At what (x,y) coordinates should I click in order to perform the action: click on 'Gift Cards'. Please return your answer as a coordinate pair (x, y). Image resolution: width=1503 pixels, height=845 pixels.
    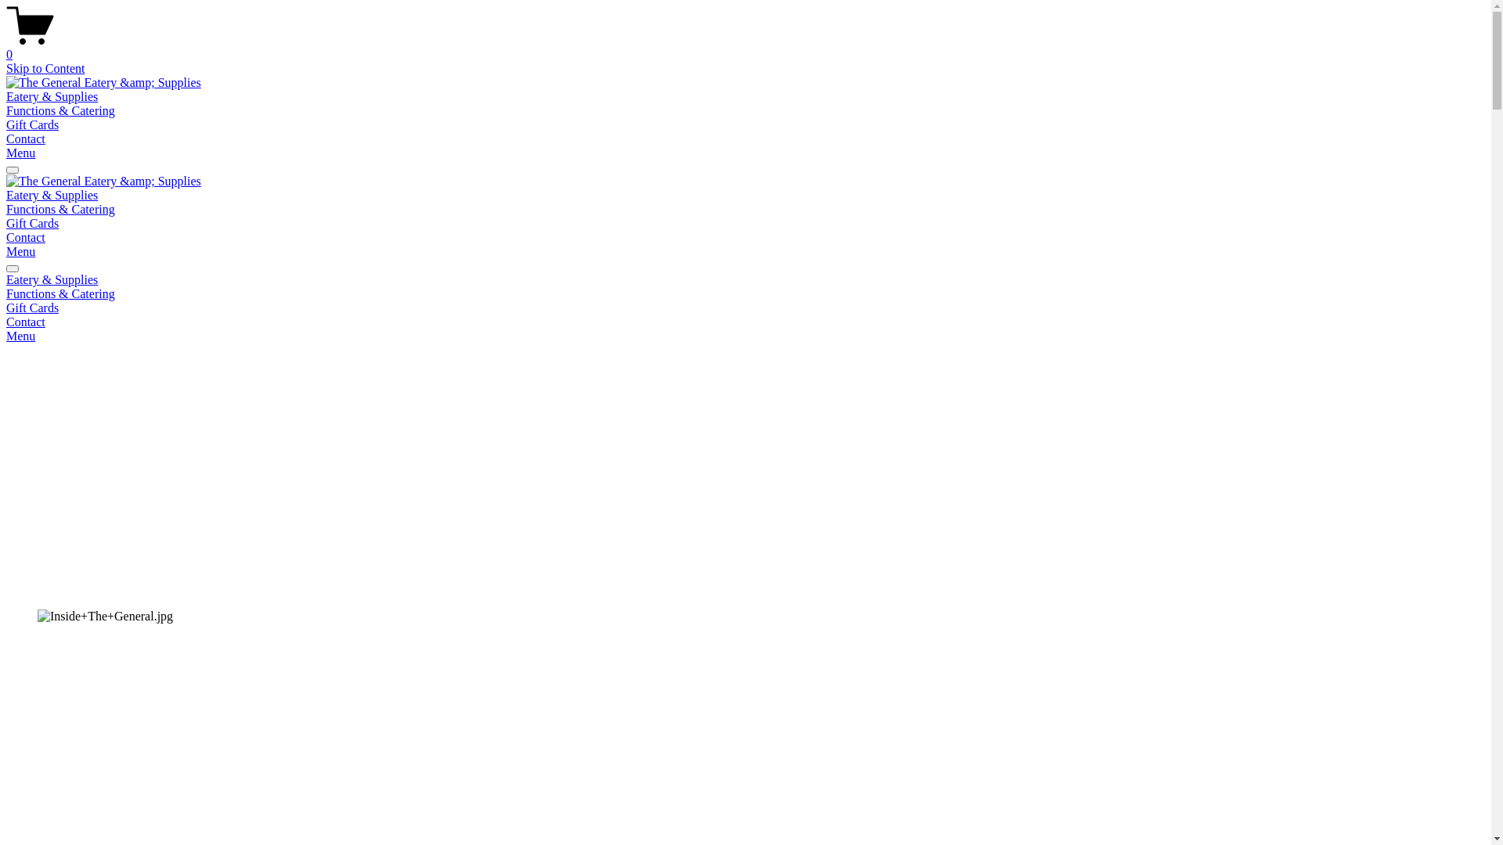
    Looking at the image, I should click on (32, 307).